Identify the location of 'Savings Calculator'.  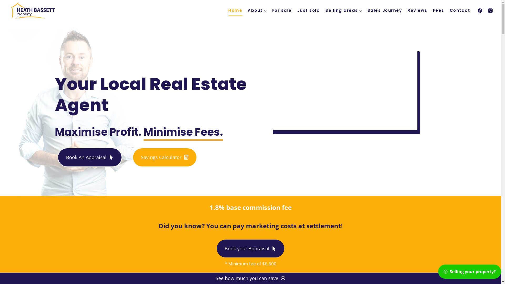
(164, 157).